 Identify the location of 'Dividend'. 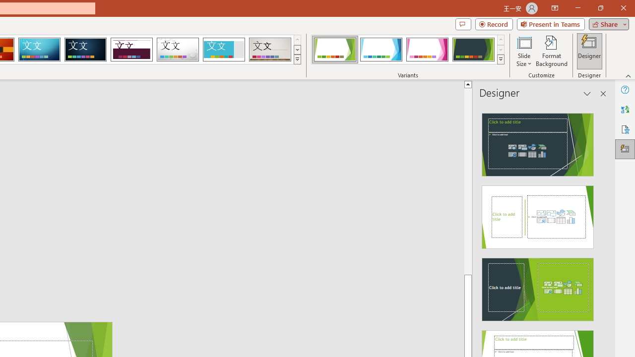
(131, 50).